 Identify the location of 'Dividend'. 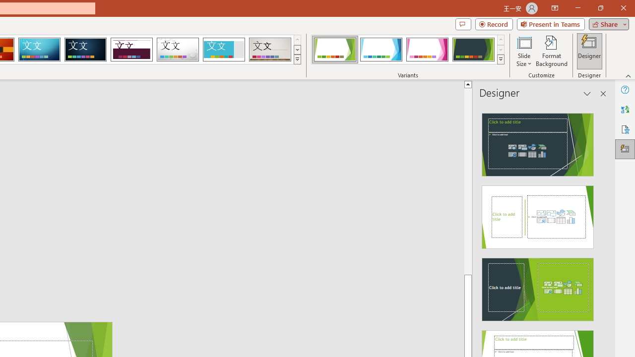
(131, 50).